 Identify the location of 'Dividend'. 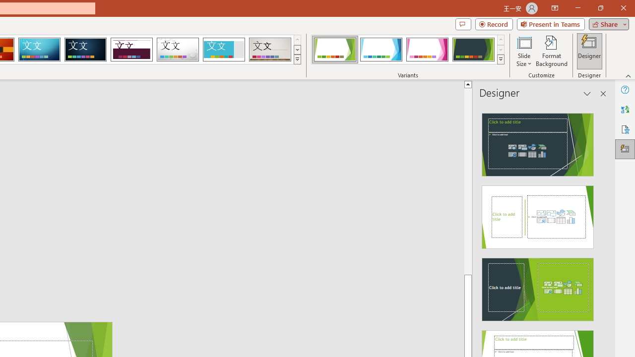
(131, 50).